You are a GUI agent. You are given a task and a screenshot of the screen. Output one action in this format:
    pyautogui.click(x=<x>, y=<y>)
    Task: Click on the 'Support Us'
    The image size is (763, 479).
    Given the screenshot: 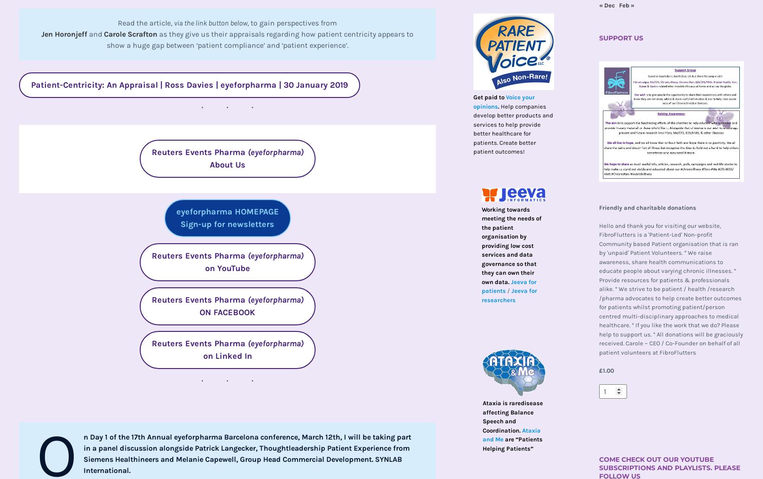 What is the action you would take?
    pyautogui.click(x=620, y=38)
    